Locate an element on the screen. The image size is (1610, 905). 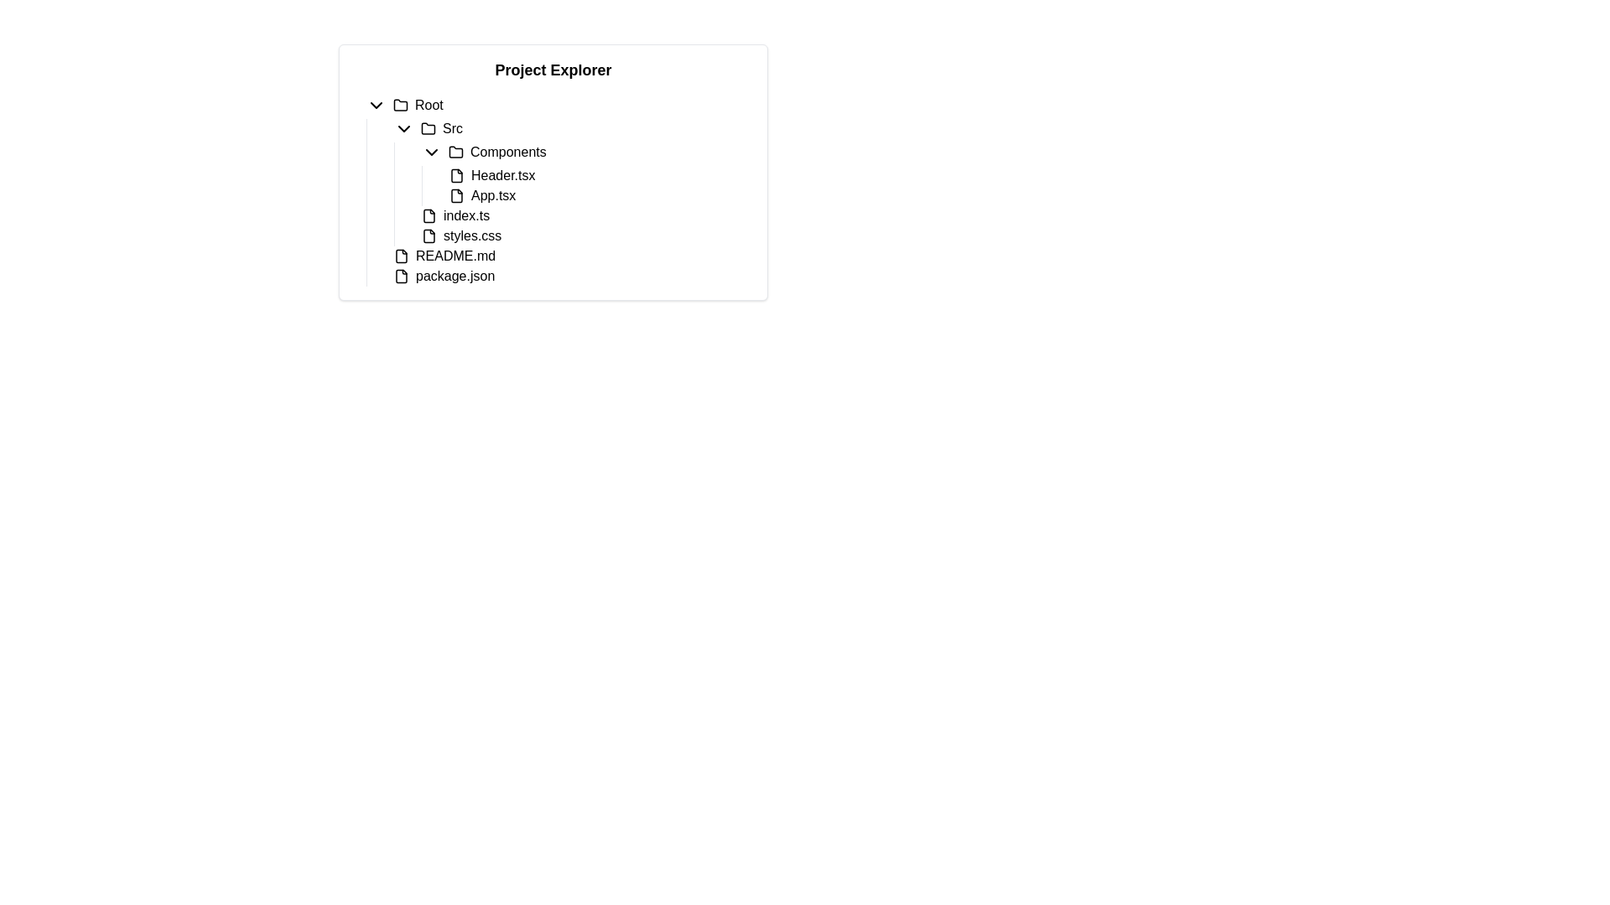
the file icon representing 'index.ts' located in the 'Src' folder of the Project Explorer is located at coordinates (429, 215).